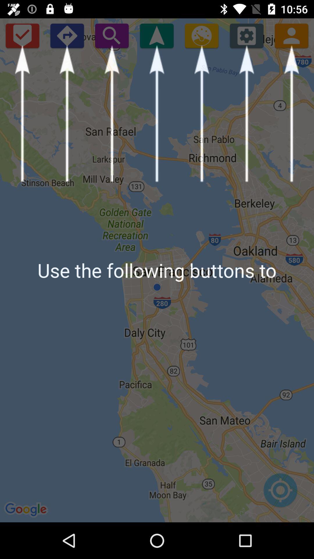  Describe the element at coordinates (156, 35) in the screenshot. I see `show my location` at that location.